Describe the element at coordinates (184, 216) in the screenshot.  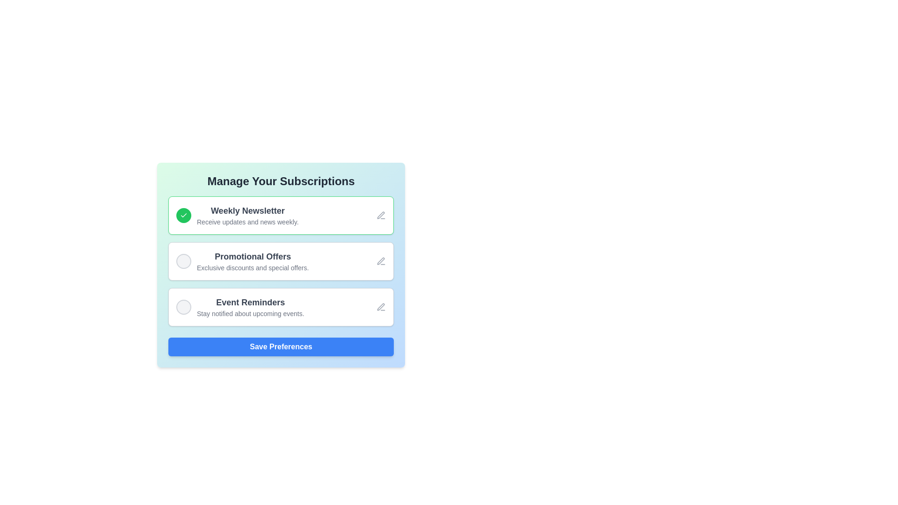
I see `the selection state icon representing the 'Weekly Newsletter' option, which is positioned to the left of the associated text` at that location.